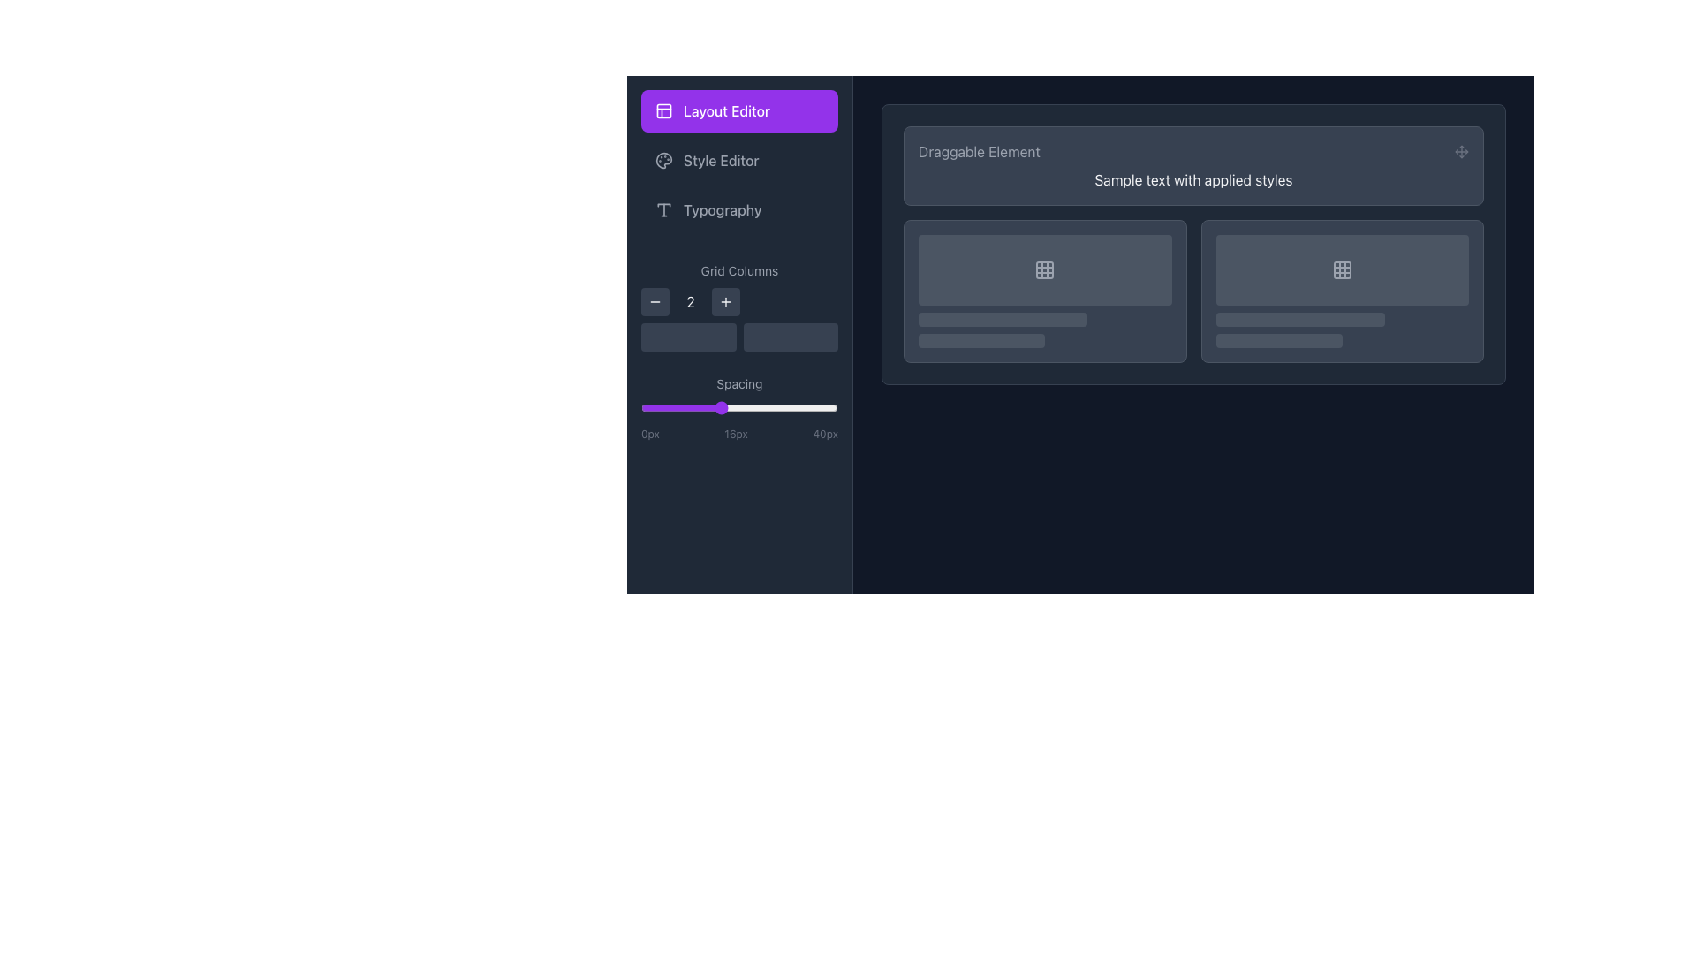 The width and height of the screenshot is (1696, 954). Describe the element at coordinates (798, 408) in the screenshot. I see `spacing` at that location.